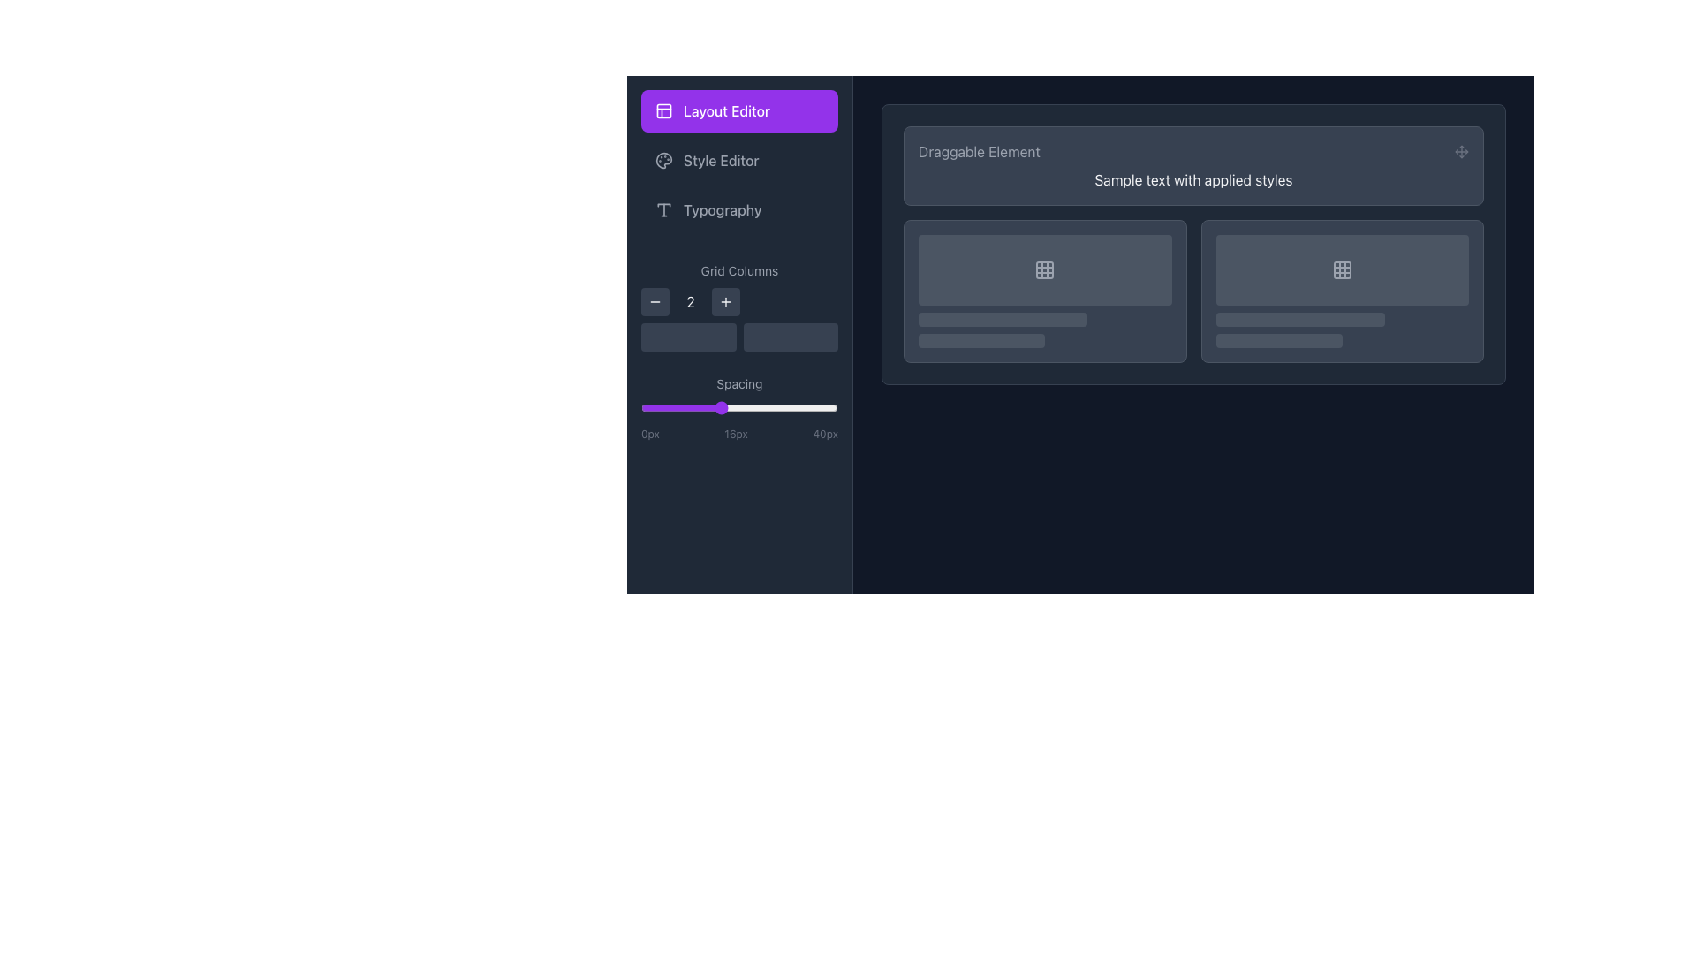 The width and height of the screenshot is (1696, 954). Describe the element at coordinates (798, 408) in the screenshot. I see `spacing` at that location.